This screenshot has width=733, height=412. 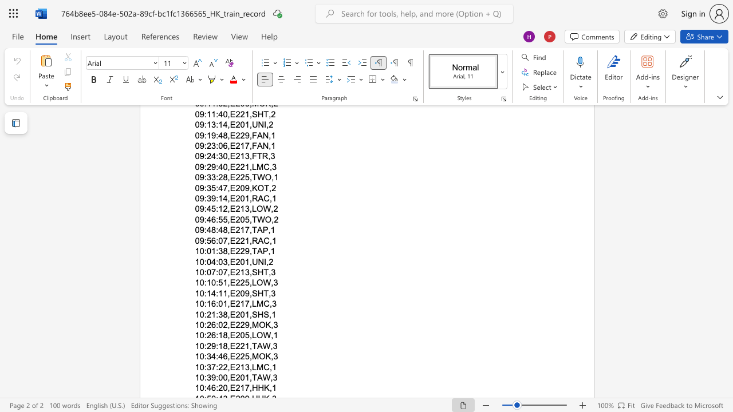 I want to click on the subset text "0:21:38,E201," within the text "10:21:38,E201,SHS,1", so click(x=199, y=314).